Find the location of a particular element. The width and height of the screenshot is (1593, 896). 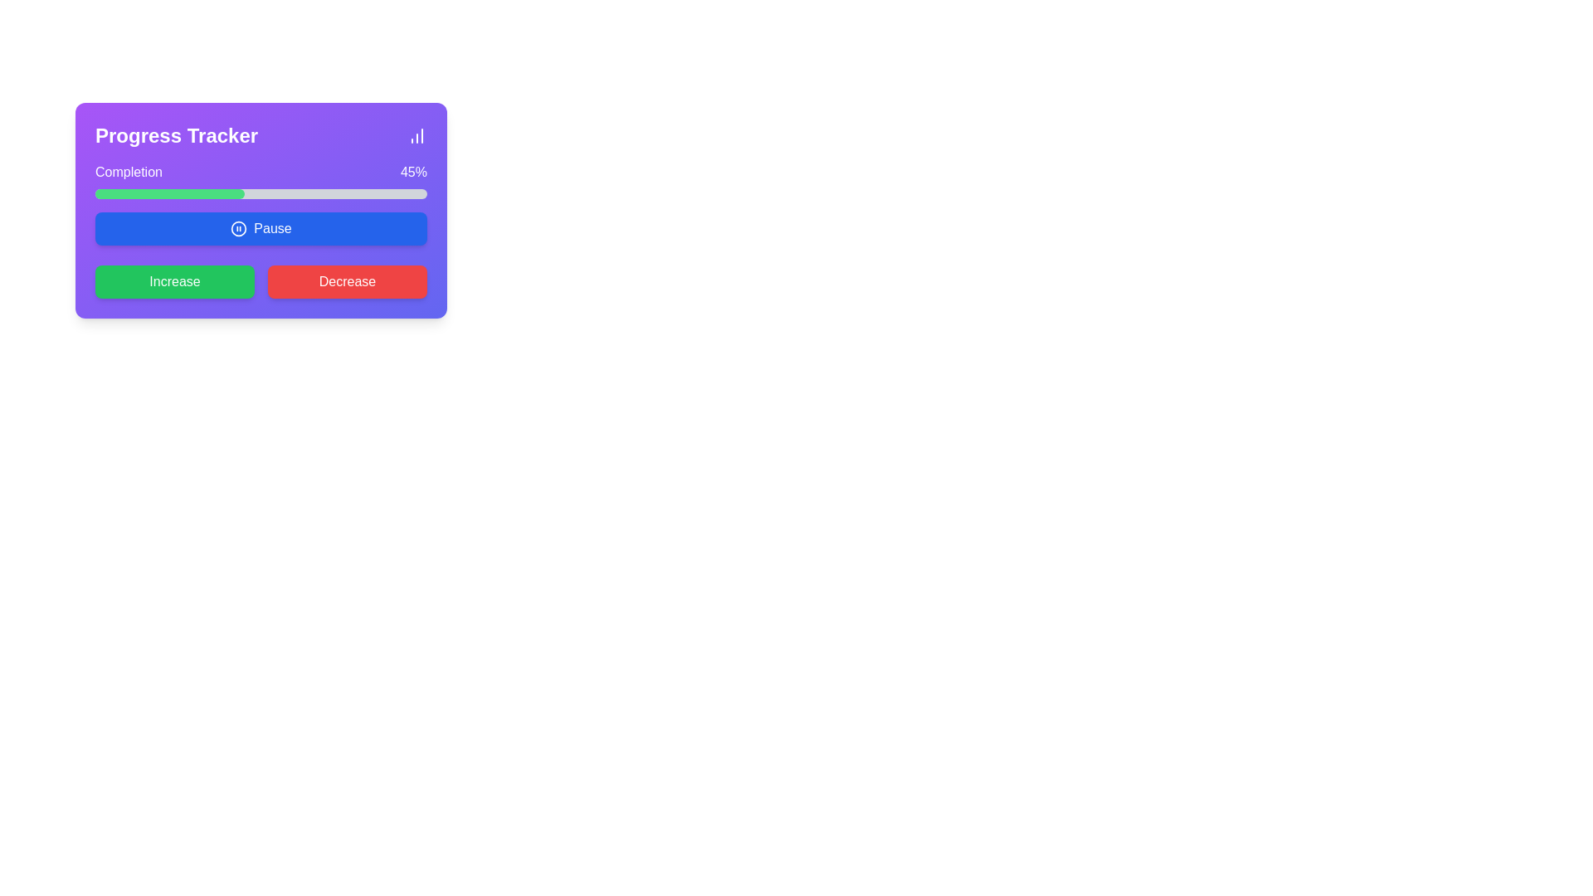

the leftmost green segment of the progress bar under the 'Completion' label in the 'Progress Tracker' section is located at coordinates (170, 193).